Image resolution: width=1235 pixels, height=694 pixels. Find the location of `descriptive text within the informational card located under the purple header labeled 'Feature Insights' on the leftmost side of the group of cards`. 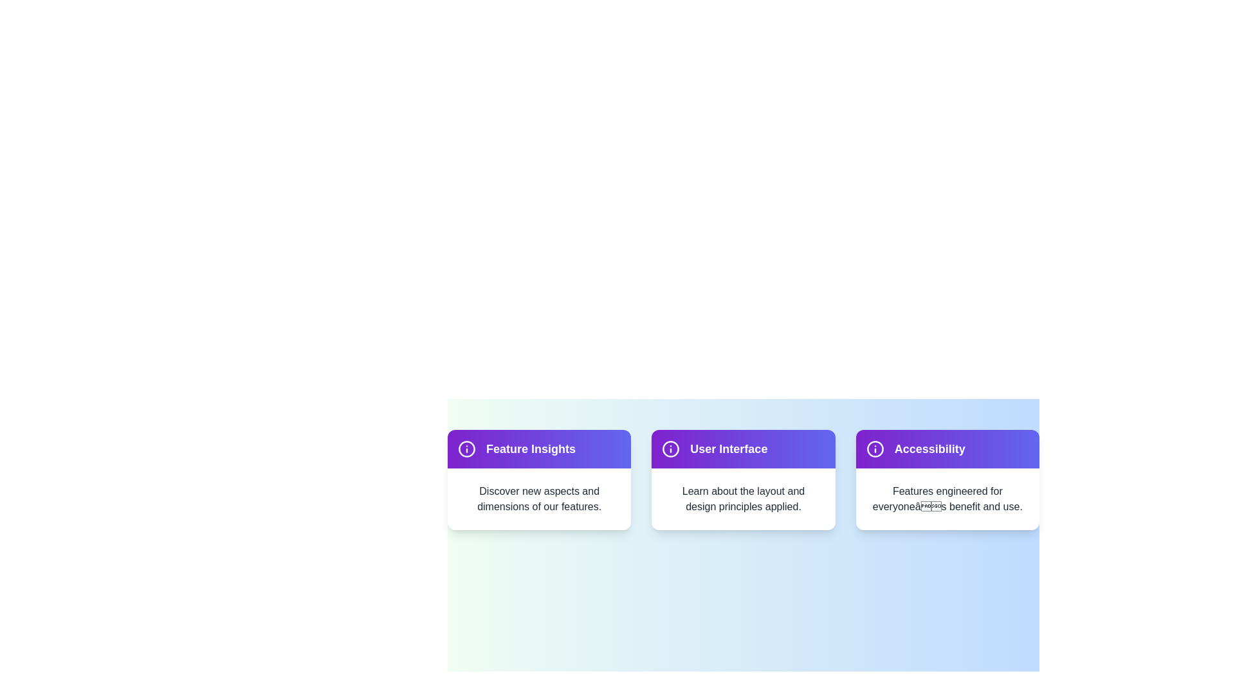

descriptive text within the informational card located under the purple header labeled 'Feature Insights' on the leftmost side of the group of cards is located at coordinates (539, 498).